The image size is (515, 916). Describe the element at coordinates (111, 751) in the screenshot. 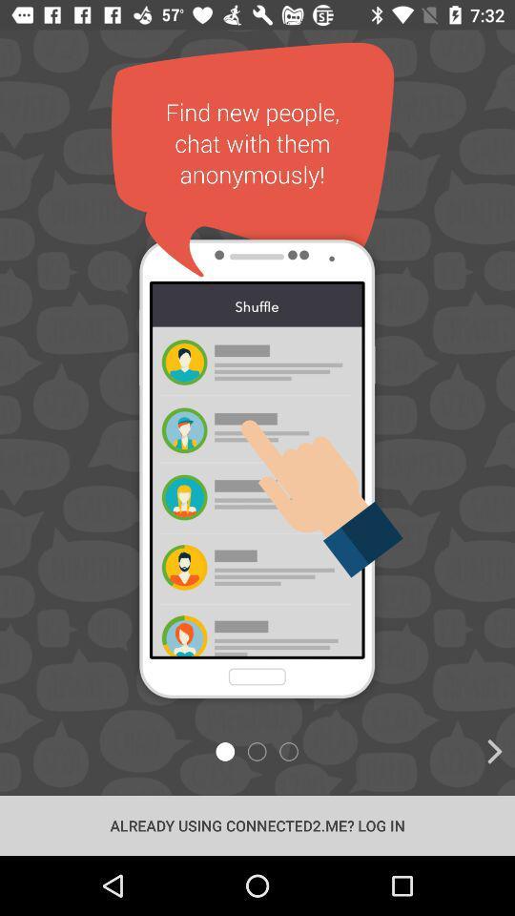

I see `the star icon` at that location.